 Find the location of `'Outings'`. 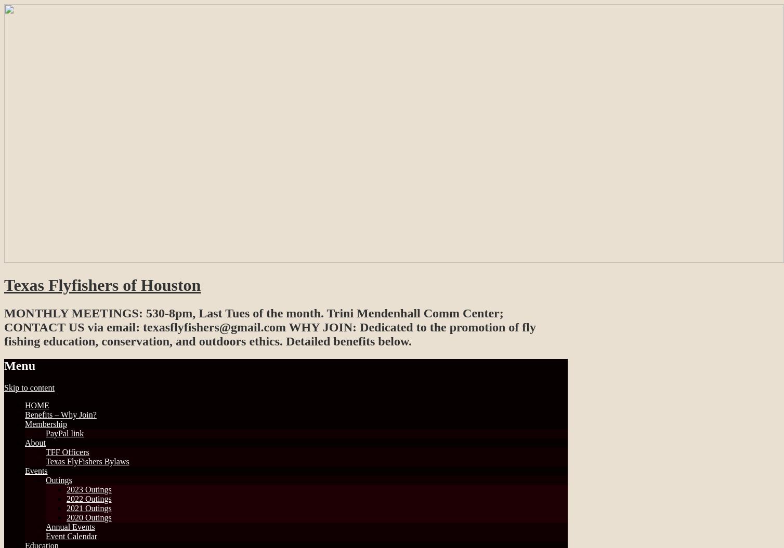

'Outings' is located at coordinates (46, 479).